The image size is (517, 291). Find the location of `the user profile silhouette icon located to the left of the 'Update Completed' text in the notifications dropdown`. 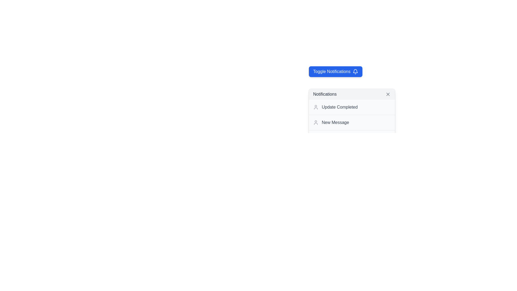

the user profile silhouette icon located to the left of the 'Update Completed' text in the notifications dropdown is located at coordinates (316, 107).